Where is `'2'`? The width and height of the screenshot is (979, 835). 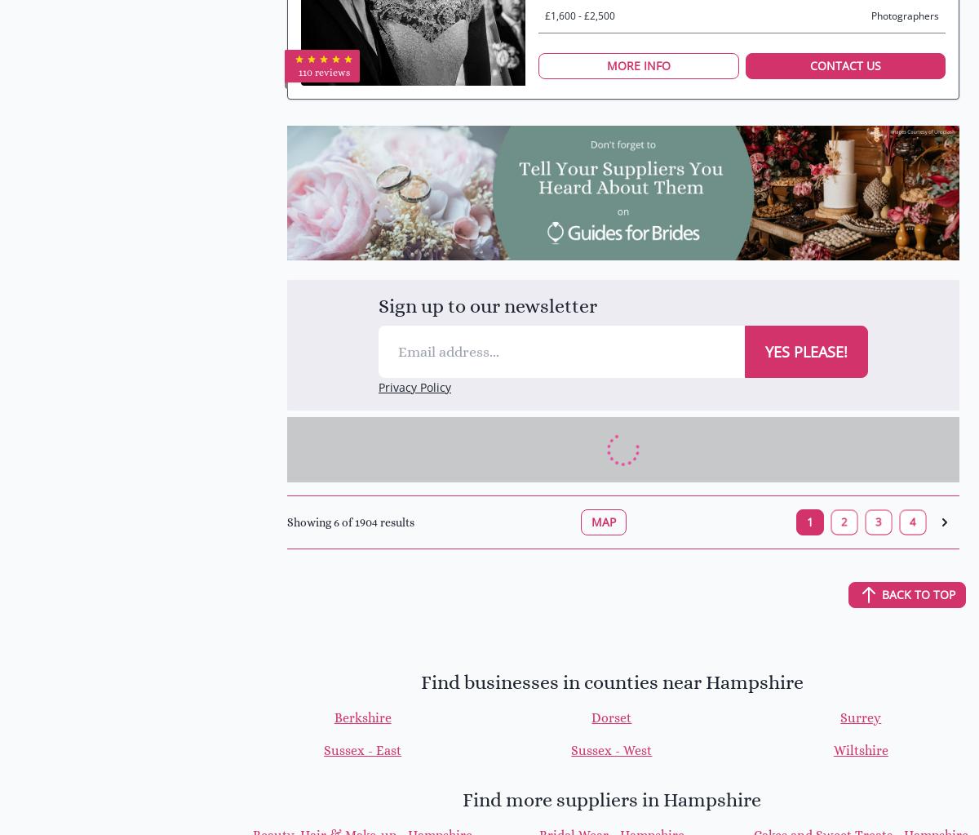
'2' is located at coordinates (844, 521).